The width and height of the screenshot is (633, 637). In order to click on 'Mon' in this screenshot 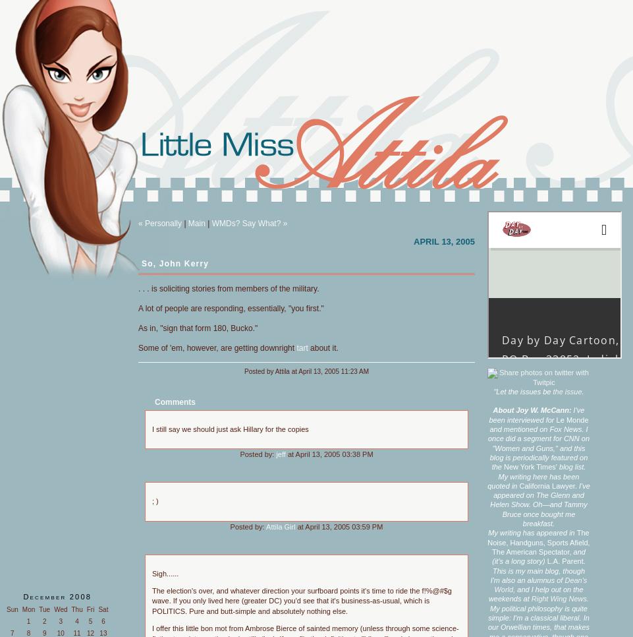, I will do `click(20, 609)`.